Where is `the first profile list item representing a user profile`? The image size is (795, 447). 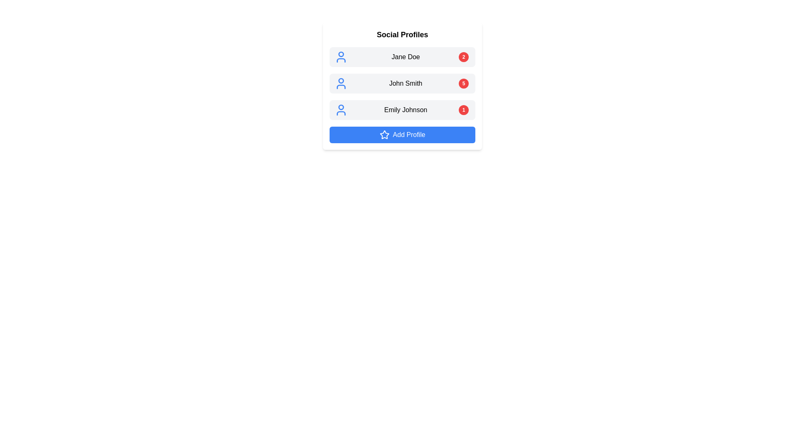
the first profile list item representing a user profile is located at coordinates (402, 57).